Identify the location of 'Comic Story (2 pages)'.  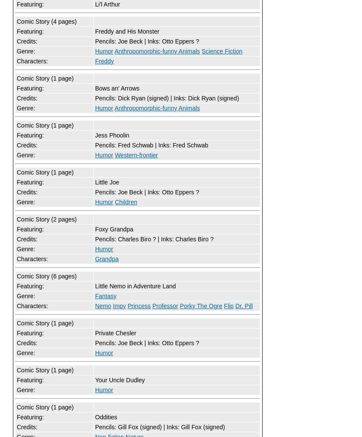
(16, 219).